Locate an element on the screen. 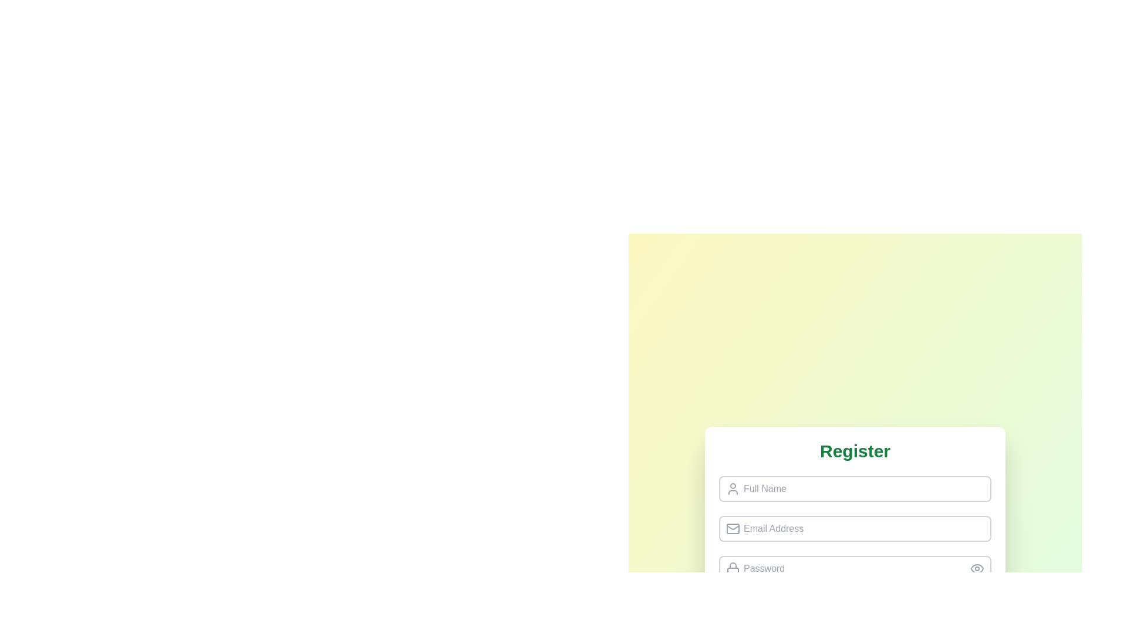 Image resolution: width=1127 pixels, height=634 pixels. the button with a gray circular background and an eye icon is located at coordinates (977, 568).